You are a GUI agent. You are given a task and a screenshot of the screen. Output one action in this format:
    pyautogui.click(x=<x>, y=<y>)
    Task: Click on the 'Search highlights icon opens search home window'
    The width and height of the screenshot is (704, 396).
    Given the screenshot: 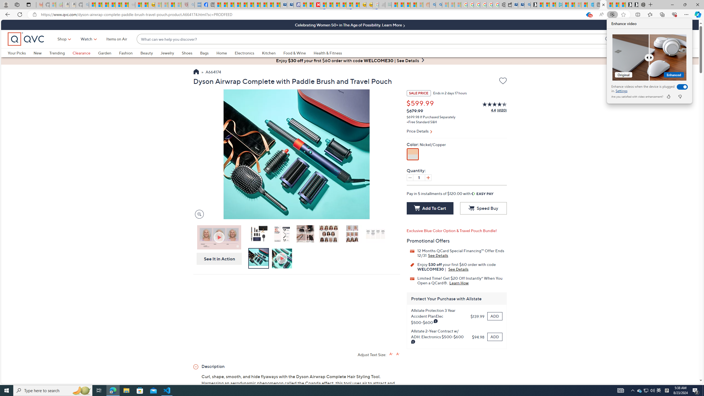 What is the action you would take?
    pyautogui.click(x=81, y=390)
    